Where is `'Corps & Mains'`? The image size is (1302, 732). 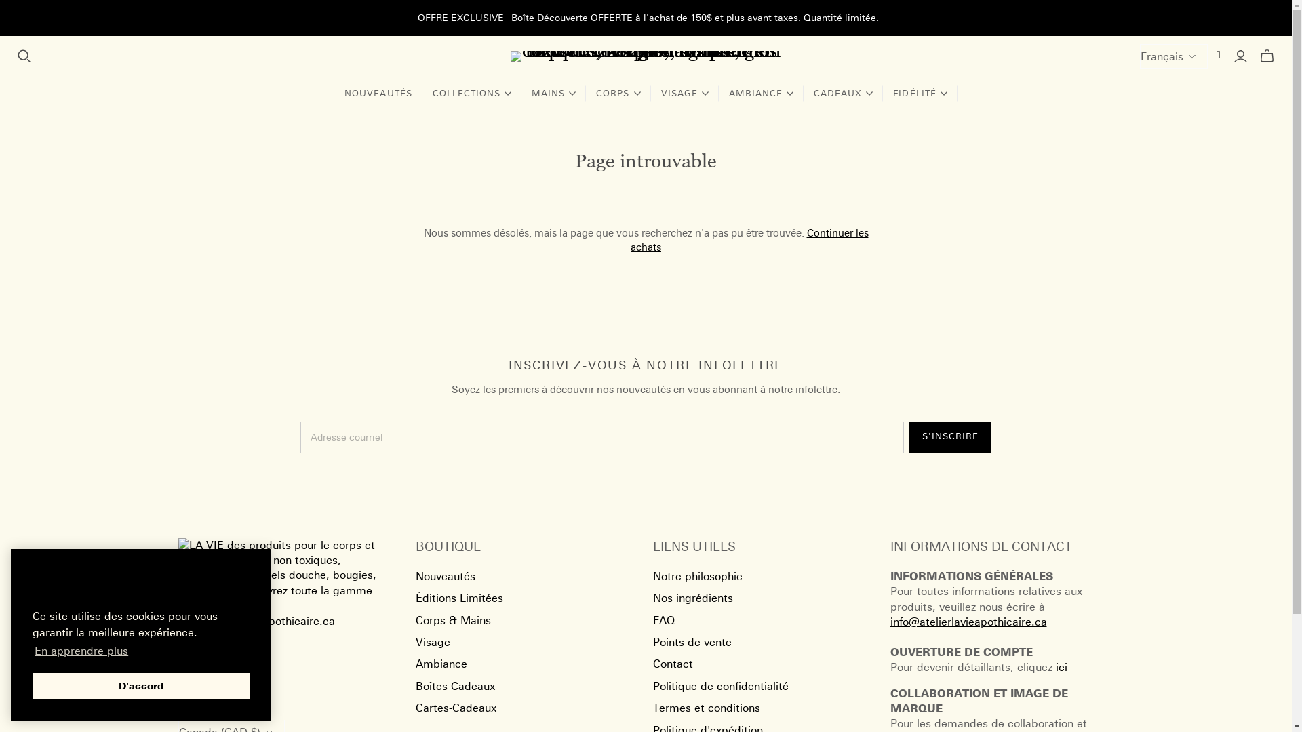
'Corps & Mains' is located at coordinates (414, 620).